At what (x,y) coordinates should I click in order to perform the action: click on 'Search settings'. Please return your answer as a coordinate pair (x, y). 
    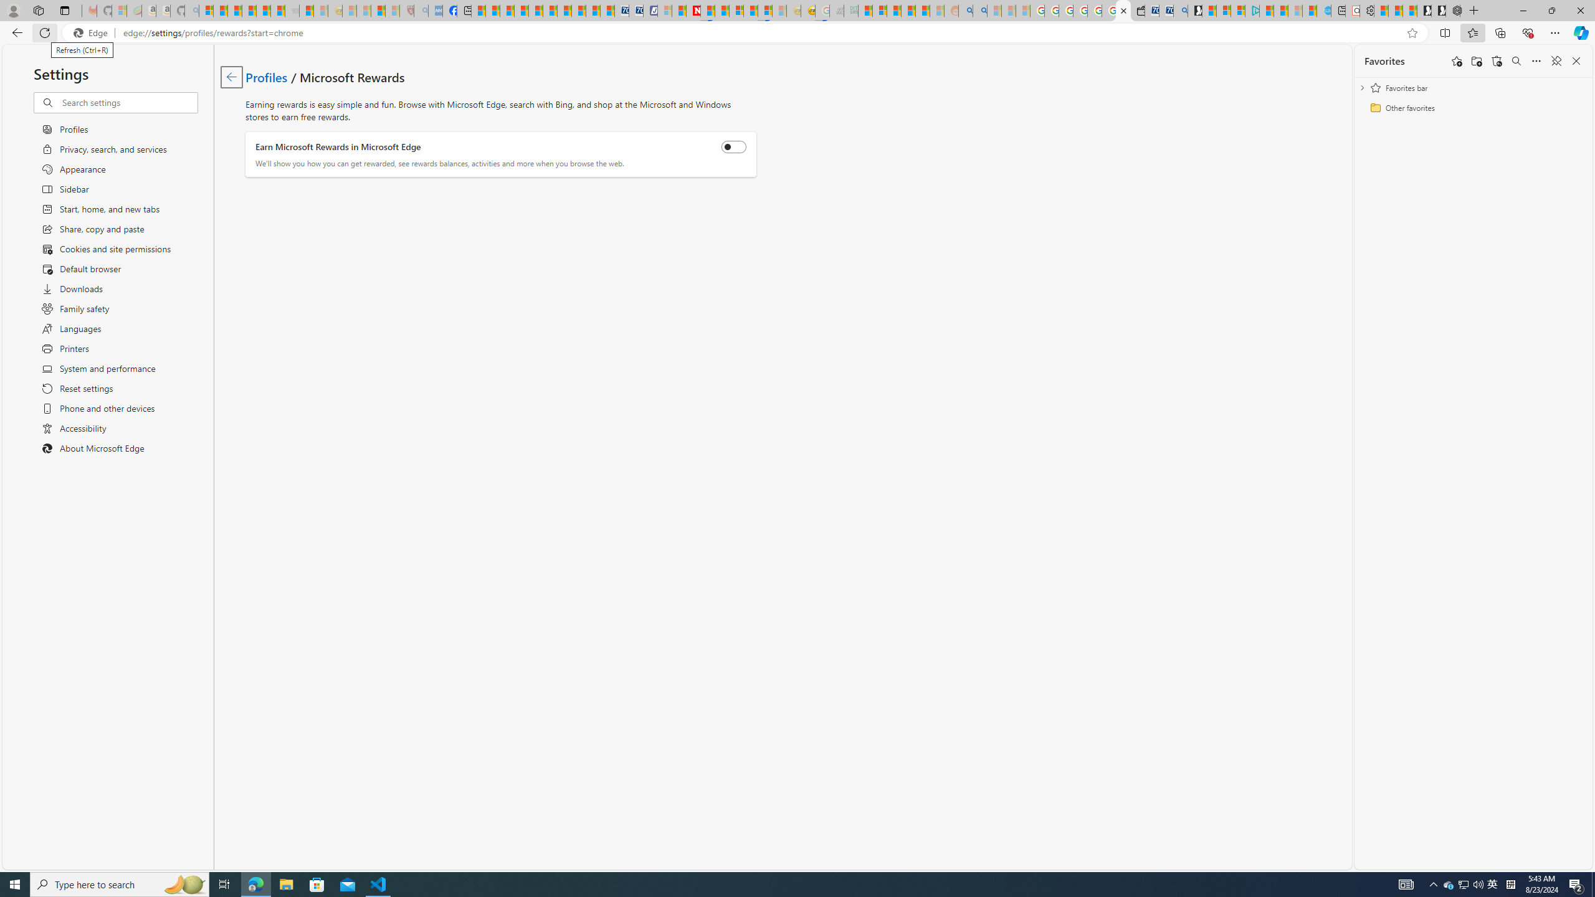
    Looking at the image, I should click on (129, 102).